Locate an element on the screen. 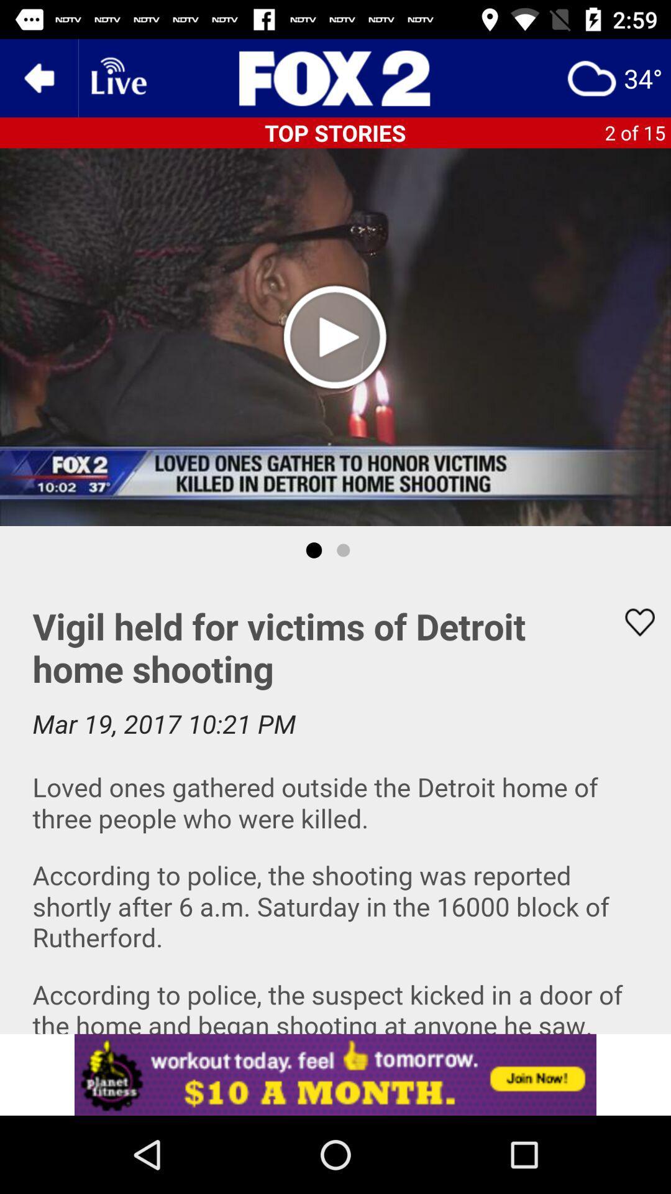 The width and height of the screenshot is (671, 1194). previous is located at coordinates (38, 77).